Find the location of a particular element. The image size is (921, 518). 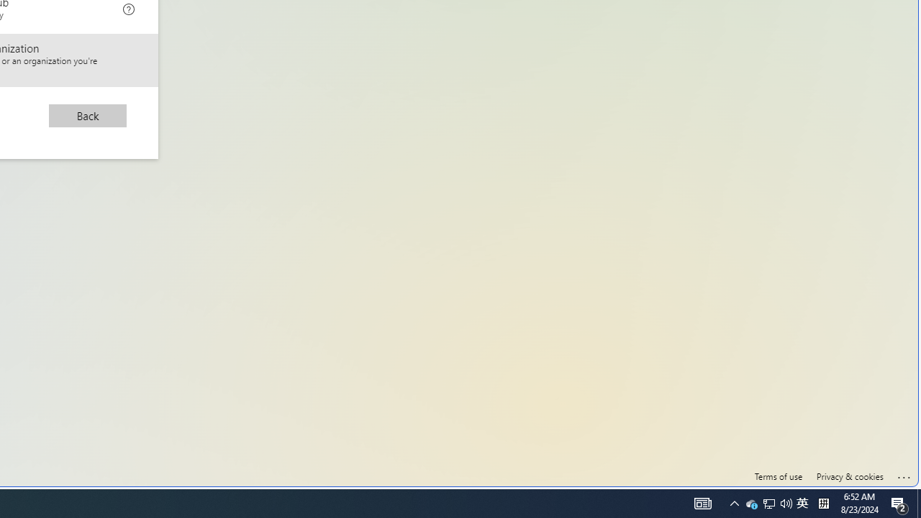

'Terms of use' is located at coordinates (778, 476).